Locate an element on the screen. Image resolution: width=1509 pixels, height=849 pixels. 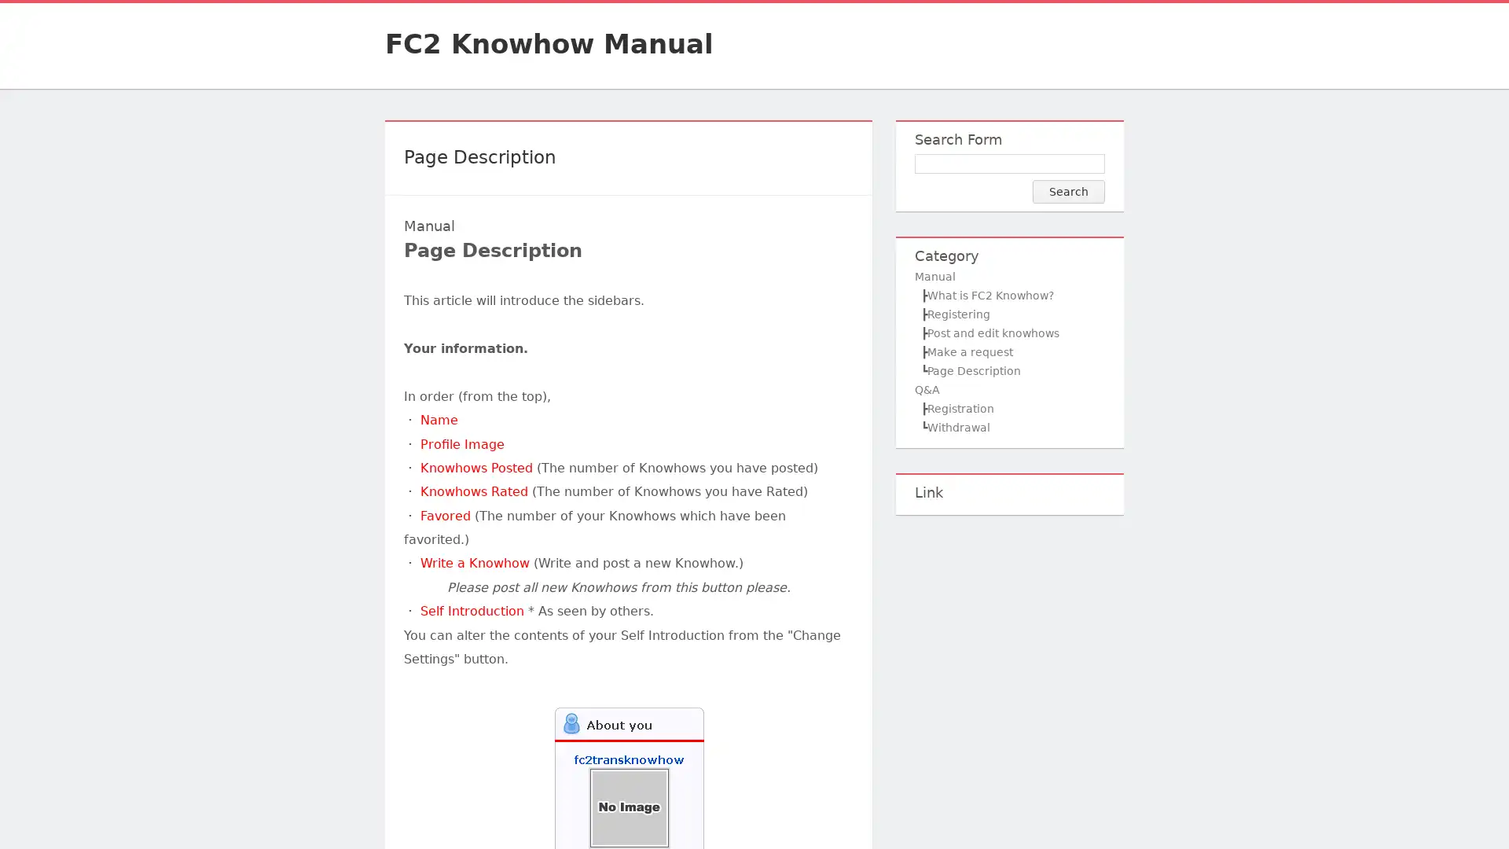
Search is located at coordinates (1068, 190).